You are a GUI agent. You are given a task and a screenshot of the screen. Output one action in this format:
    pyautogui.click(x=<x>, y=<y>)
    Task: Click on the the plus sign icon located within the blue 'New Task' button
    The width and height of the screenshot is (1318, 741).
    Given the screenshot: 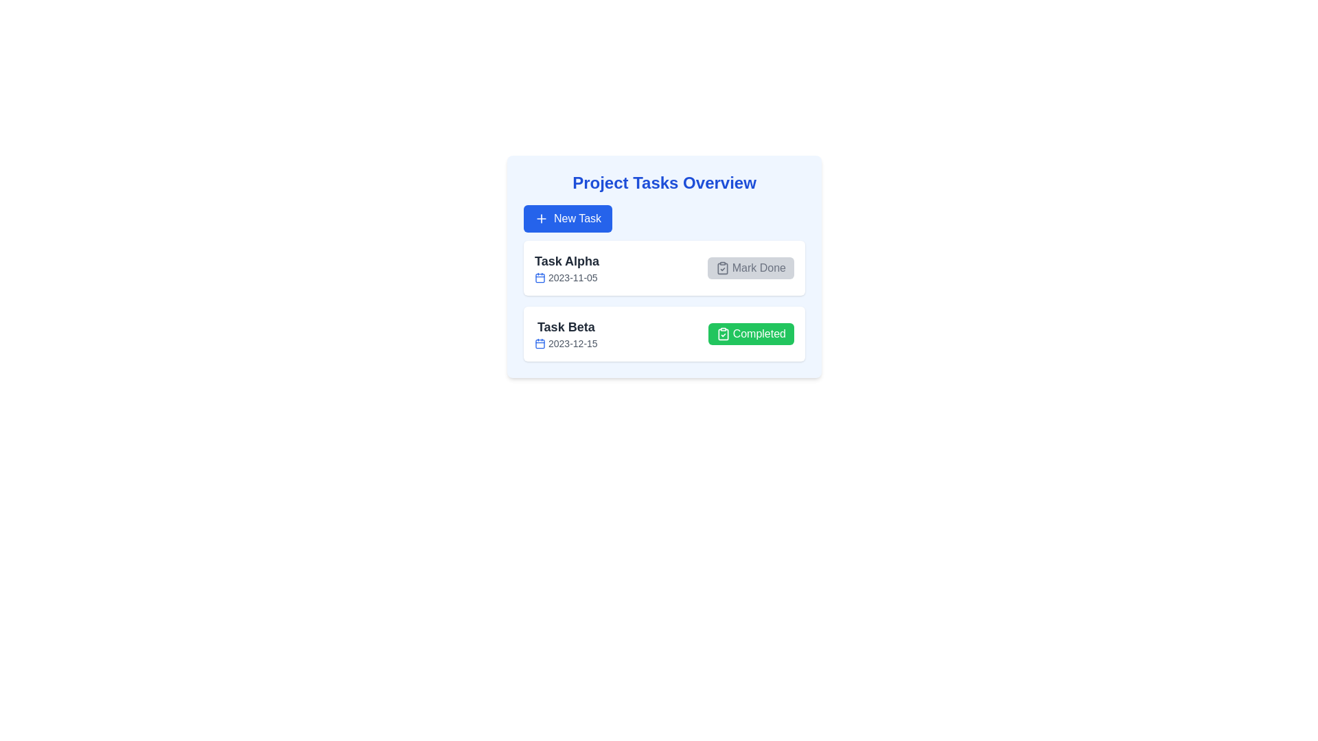 What is the action you would take?
    pyautogui.click(x=540, y=218)
    